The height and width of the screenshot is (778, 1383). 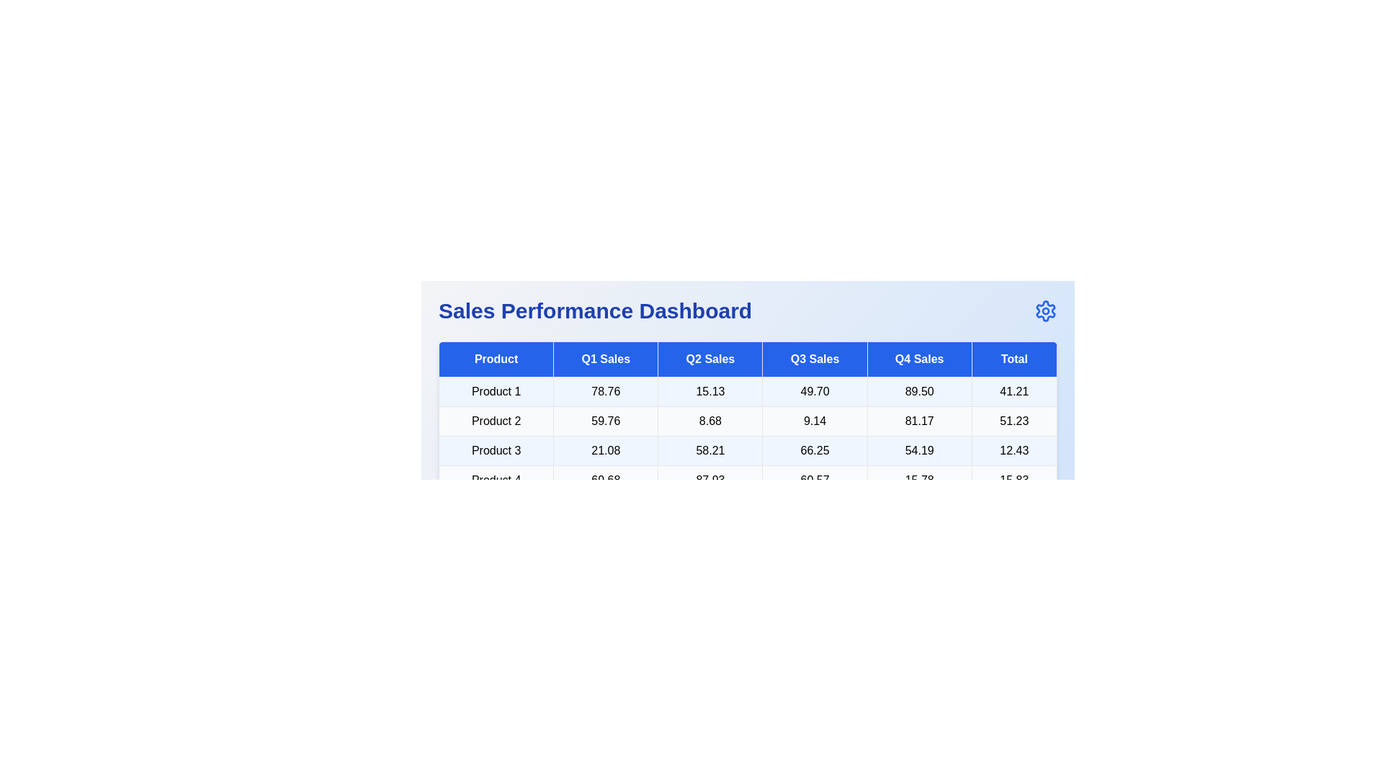 What do you see at coordinates (1045, 310) in the screenshot?
I see `the settings icon to open the settings menu` at bounding box center [1045, 310].